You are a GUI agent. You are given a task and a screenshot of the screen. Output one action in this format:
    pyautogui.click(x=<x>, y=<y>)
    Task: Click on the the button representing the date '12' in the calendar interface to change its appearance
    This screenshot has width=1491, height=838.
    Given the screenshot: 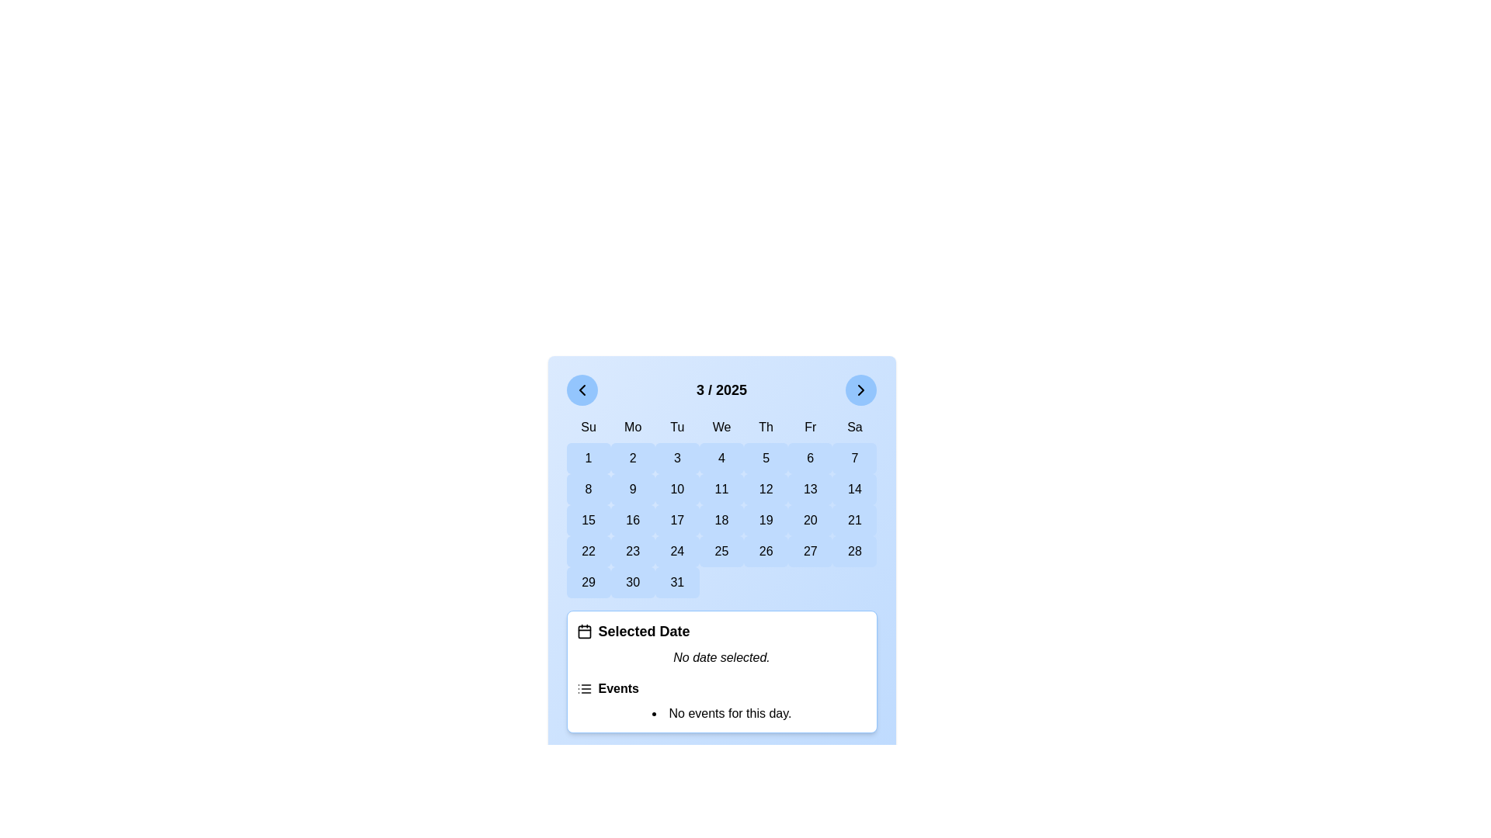 What is the action you would take?
    pyautogui.click(x=766, y=490)
    